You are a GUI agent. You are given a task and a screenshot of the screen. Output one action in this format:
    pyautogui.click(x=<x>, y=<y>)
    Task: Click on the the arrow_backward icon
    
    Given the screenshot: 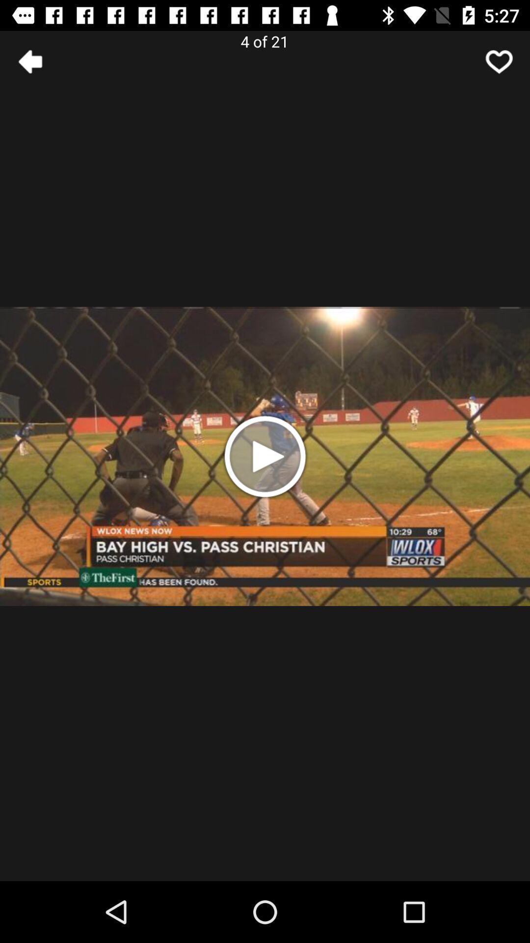 What is the action you would take?
    pyautogui.click(x=30, y=61)
    